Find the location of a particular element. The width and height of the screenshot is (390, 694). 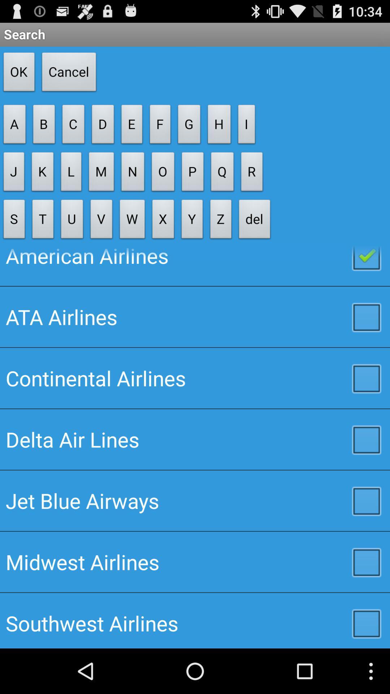

item above continental airlines checkbox is located at coordinates (195, 317).